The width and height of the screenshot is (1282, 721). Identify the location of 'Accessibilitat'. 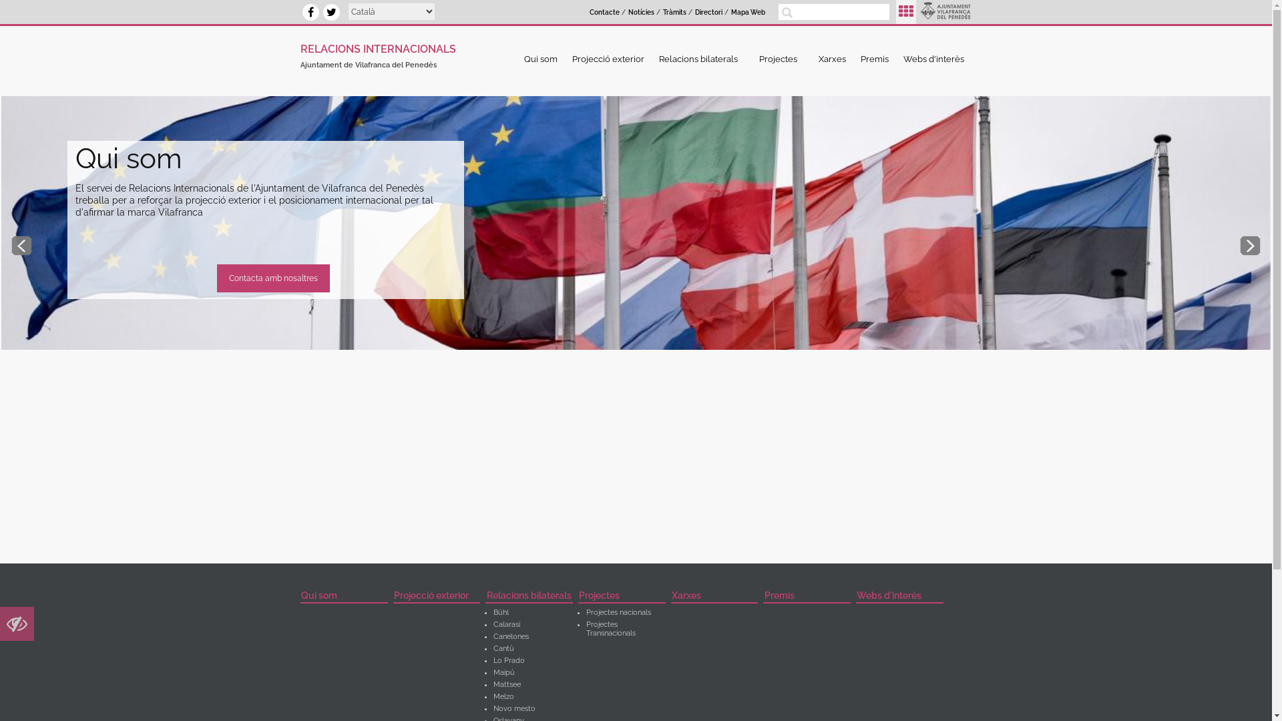
(17, 627).